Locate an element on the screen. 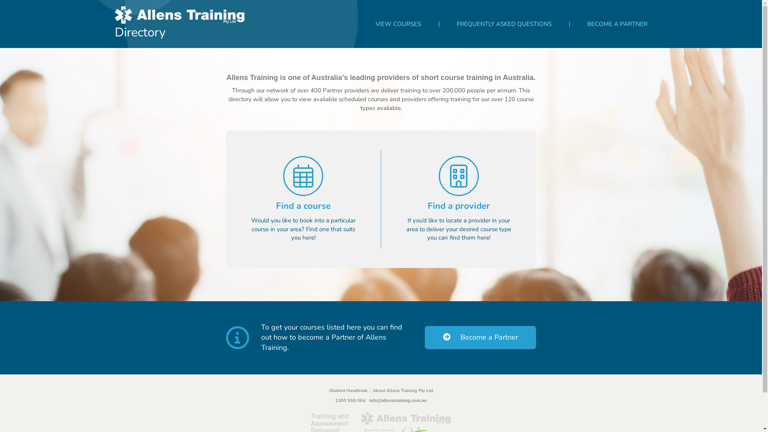 The height and width of the screenshot is (432, 768). 'Student Handbook' is located at coordinates (350, 390).